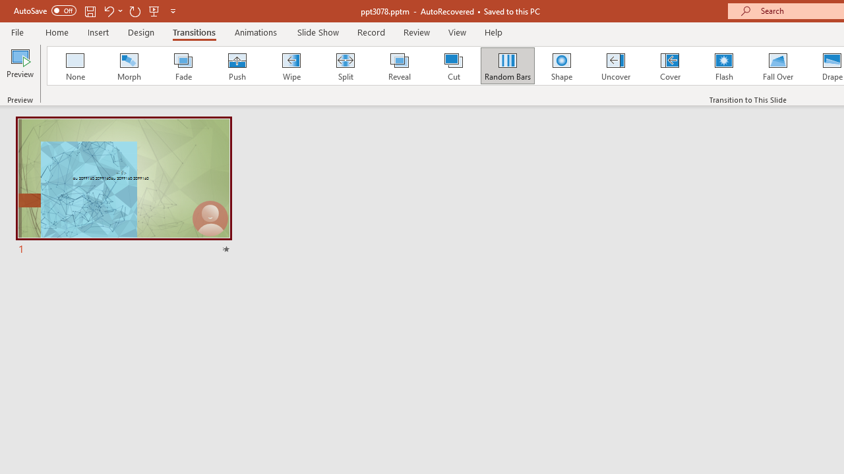 The width and height of the screenshot is (844, 474). Describe the element at coordinates (290, 66) in the screenshot. I see `'Wipe'` at that location.